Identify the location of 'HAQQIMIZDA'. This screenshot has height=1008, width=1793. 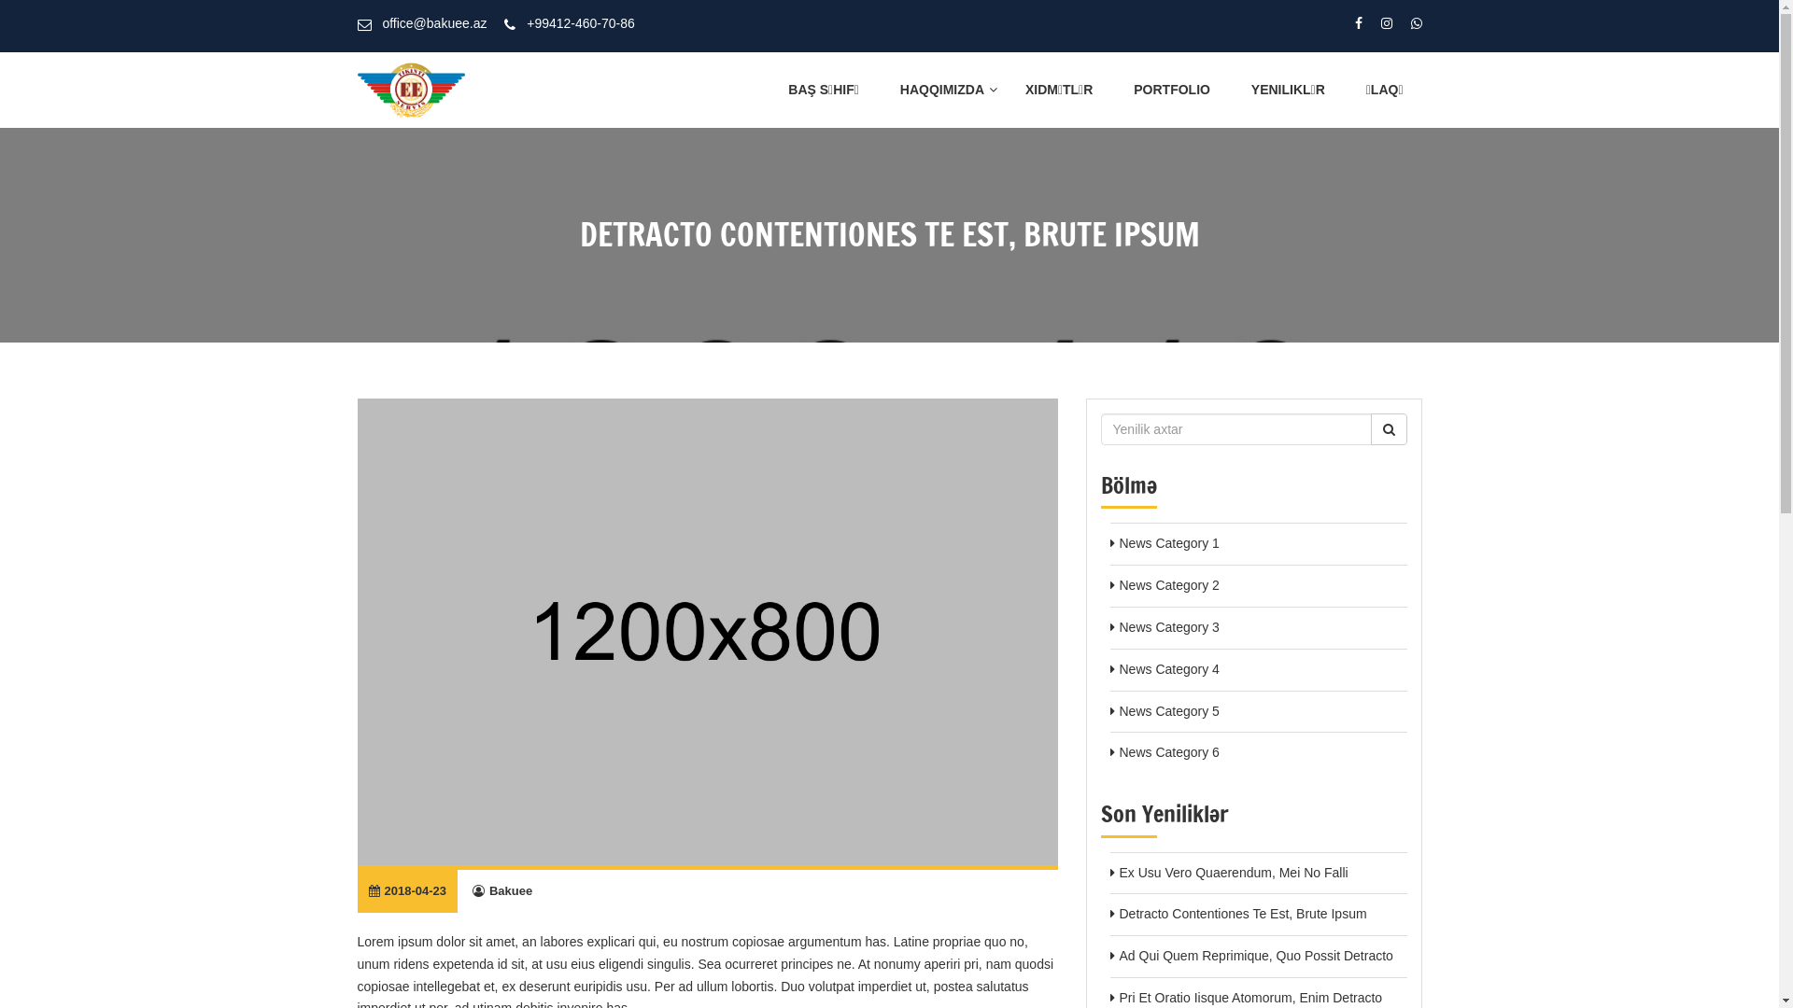
(941, 90).